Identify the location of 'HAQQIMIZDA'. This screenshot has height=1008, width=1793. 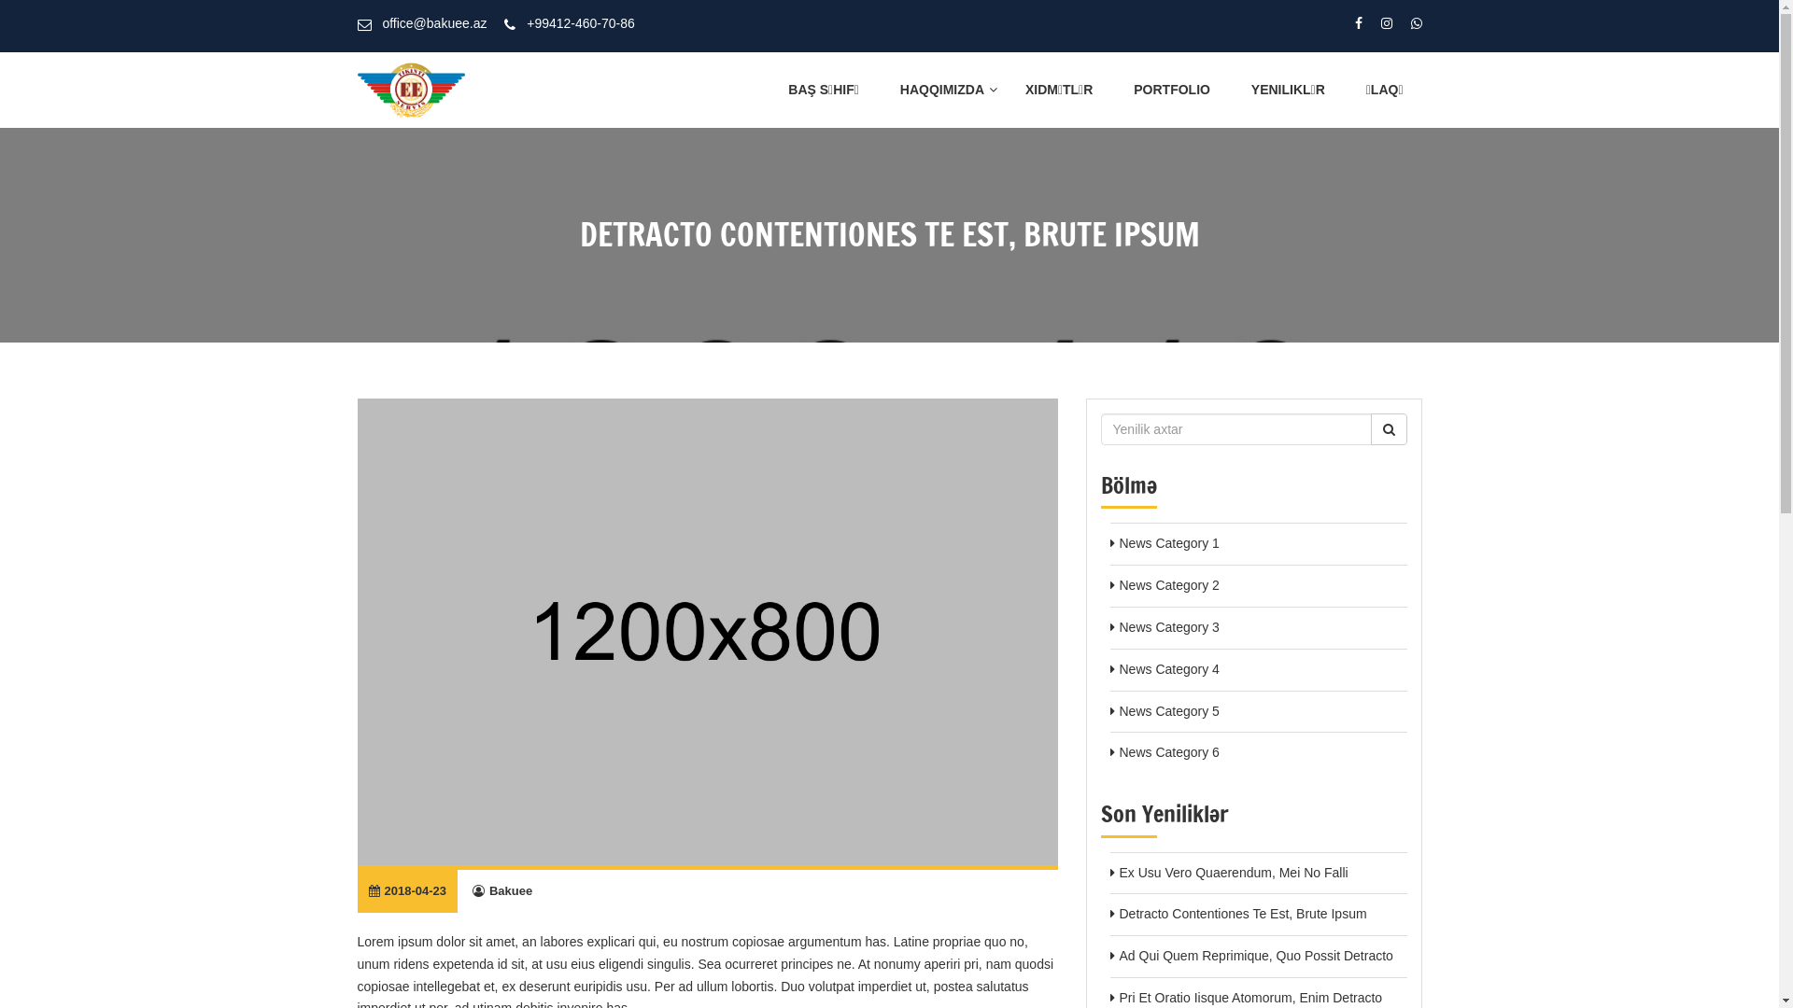
(941, 90).